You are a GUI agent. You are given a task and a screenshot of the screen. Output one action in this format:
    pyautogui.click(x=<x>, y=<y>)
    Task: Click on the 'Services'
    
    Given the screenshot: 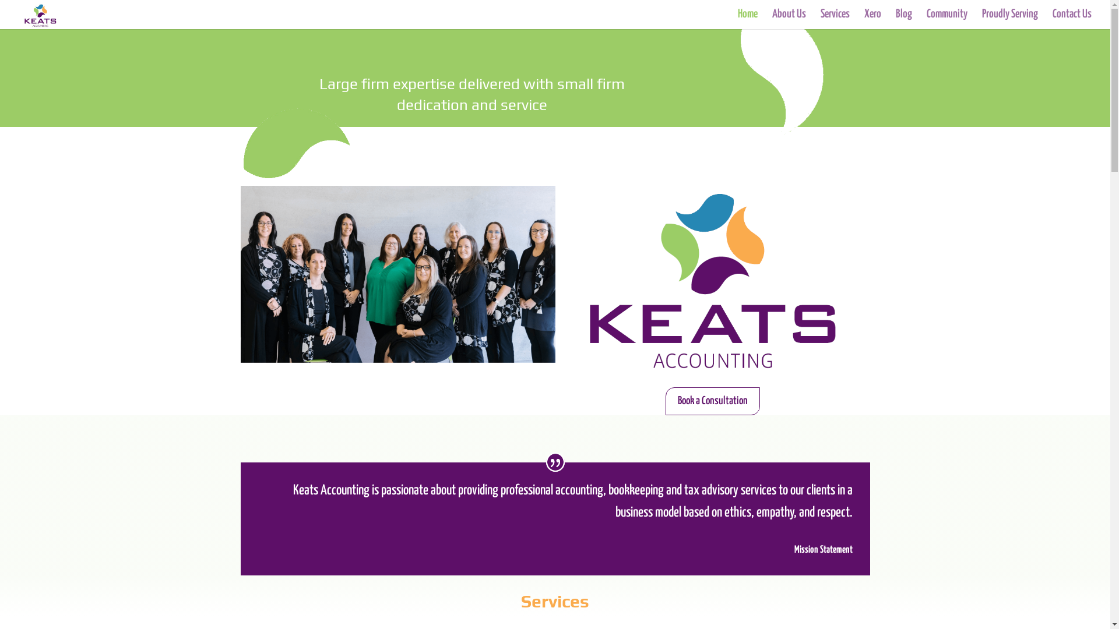 What is the action you would take?
    pyautogui.click(x=554, y=601)
    